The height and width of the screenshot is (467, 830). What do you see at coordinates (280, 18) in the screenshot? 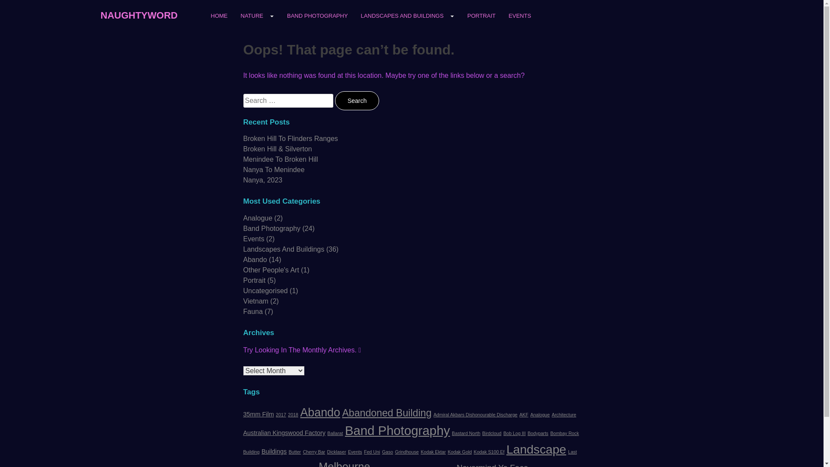
I see `'BAND PHOTOGRAPHY'` at bounding box center [280, 18].